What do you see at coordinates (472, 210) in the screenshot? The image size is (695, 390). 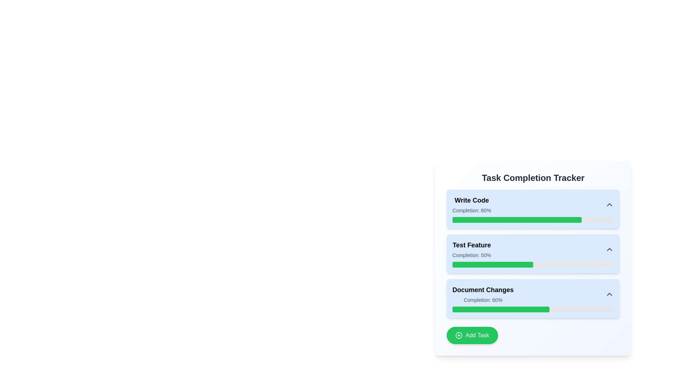 I see `the text label displaying 'Completion: 80%', which is styled in gray and located under the 'Write Code' section indicating progress` at bounding box center [472, 210].